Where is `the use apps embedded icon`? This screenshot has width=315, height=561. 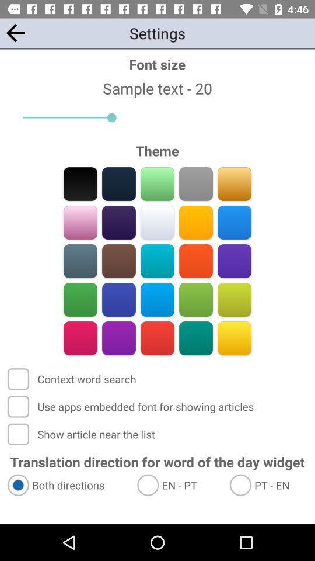 the use apps embedded icon is located at coordinates (131, 407).